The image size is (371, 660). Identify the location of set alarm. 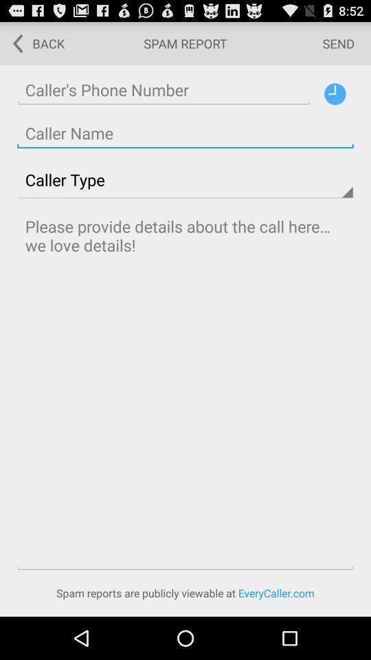
(334, 93).